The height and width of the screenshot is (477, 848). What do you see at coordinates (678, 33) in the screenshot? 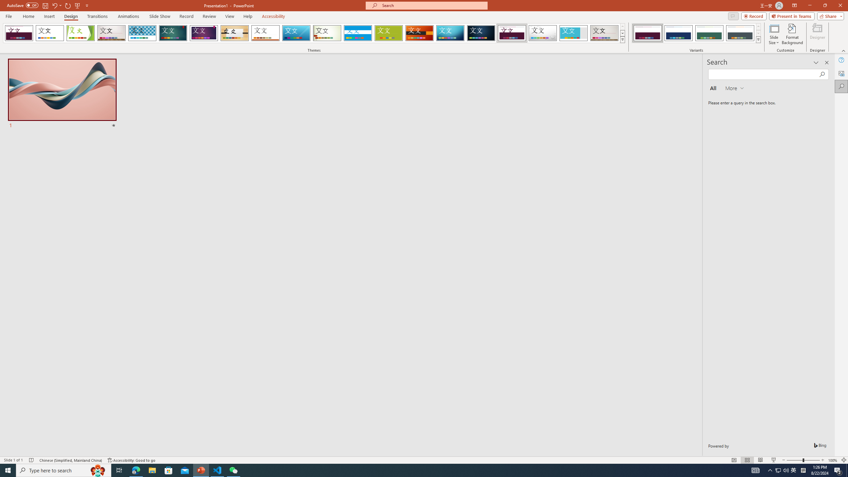
I see `'Dividend Variant 2'` at bounding box center [678, 33].